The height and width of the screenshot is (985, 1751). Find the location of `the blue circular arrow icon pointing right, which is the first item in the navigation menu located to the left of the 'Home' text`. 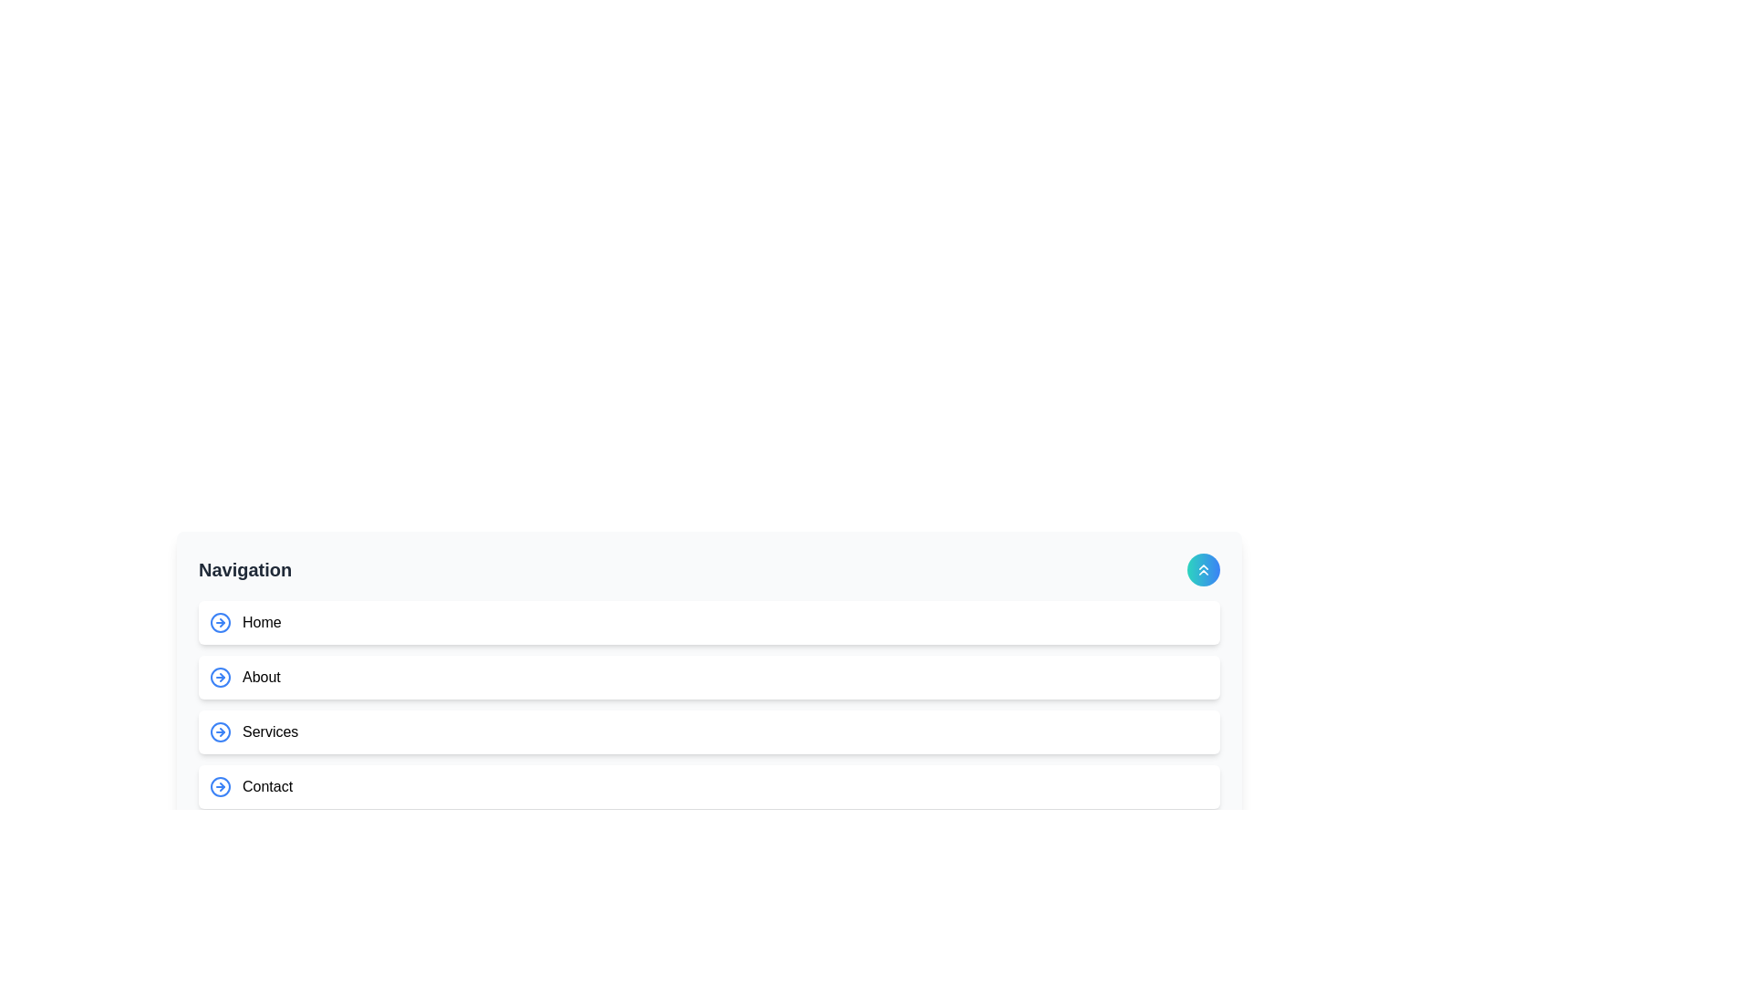

the blue circular arrow icon pointing right, which is the first item in the navigation menu located to the left of the 'Home' text is located at coordinates (219, 621).